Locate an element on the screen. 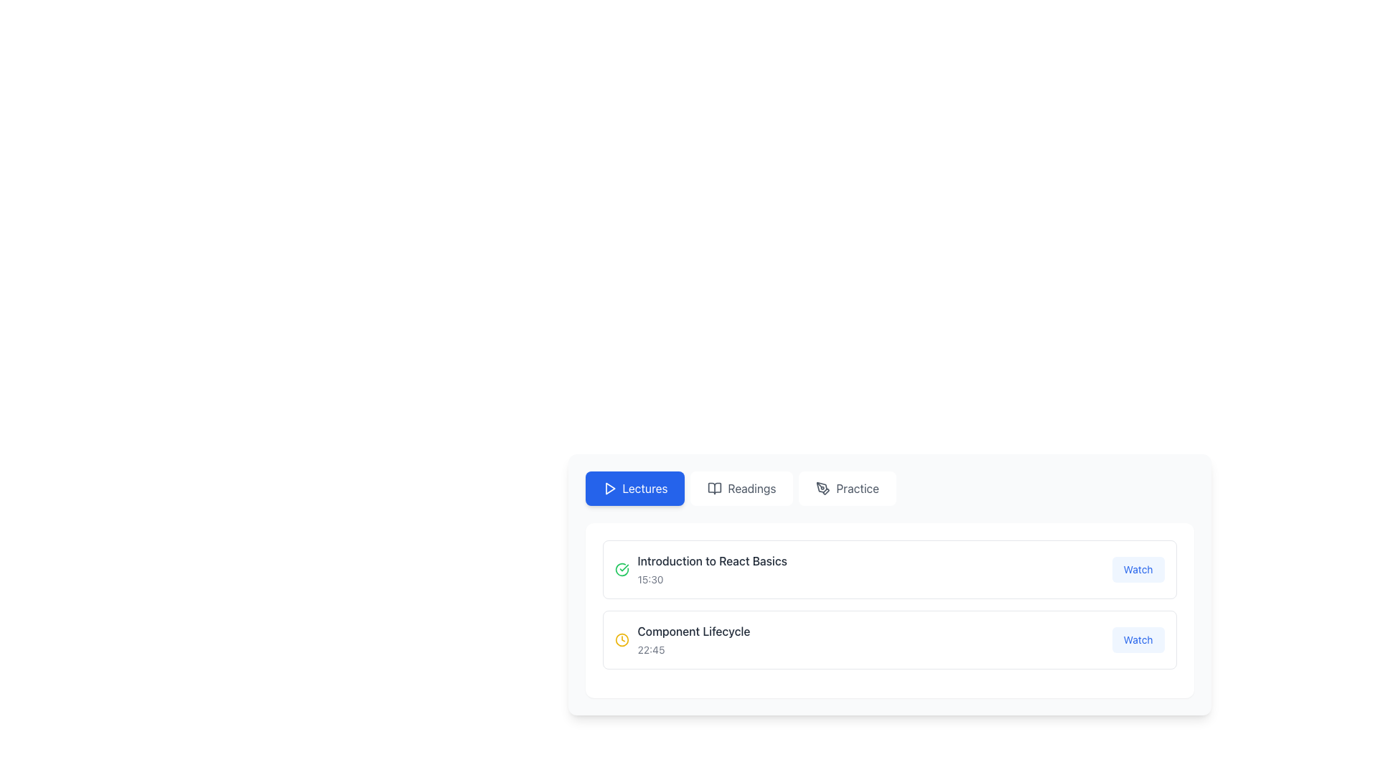 Image resolution: width=1378 pixels, height=775 pixels. the third button in the horizontal group of three buttons, which is located to the right of the 'Lectures' and 'Readings' buttons is located at coordinates (848, 488).